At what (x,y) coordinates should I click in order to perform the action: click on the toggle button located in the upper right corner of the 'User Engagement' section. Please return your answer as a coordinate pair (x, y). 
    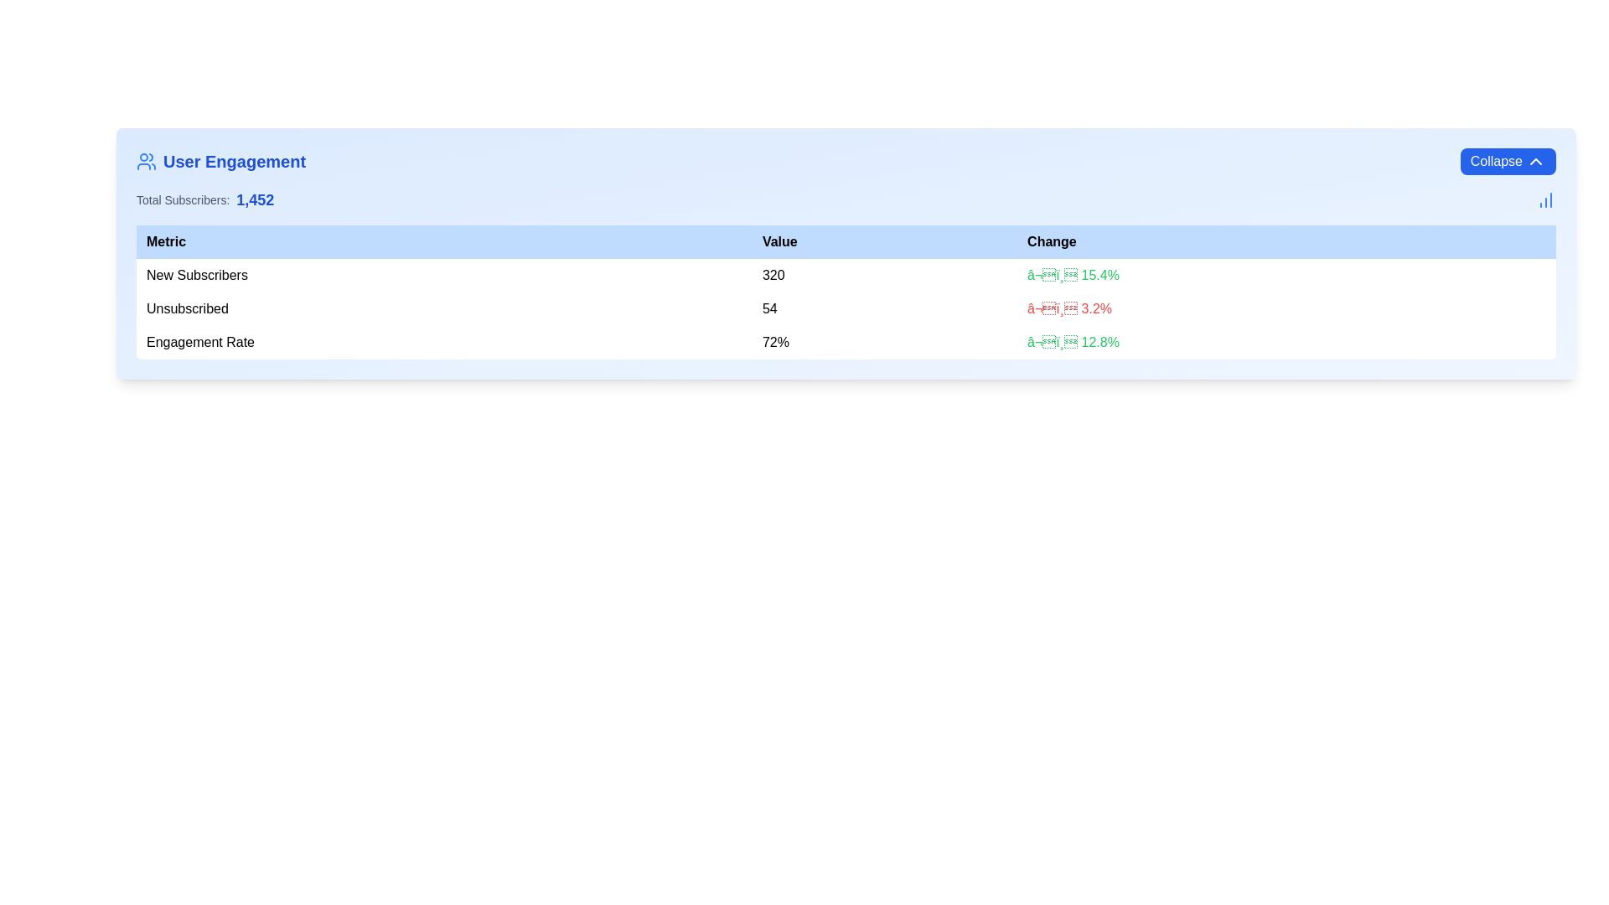
    Looking at the image, I should click on (1508, 161).